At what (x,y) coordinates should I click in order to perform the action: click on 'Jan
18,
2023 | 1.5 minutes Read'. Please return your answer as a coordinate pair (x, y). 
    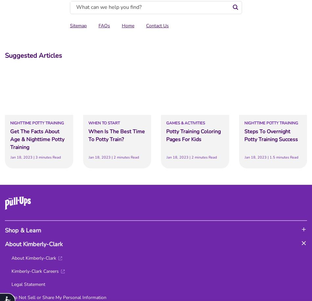
    Looking at the image, I should click on (271, 157).